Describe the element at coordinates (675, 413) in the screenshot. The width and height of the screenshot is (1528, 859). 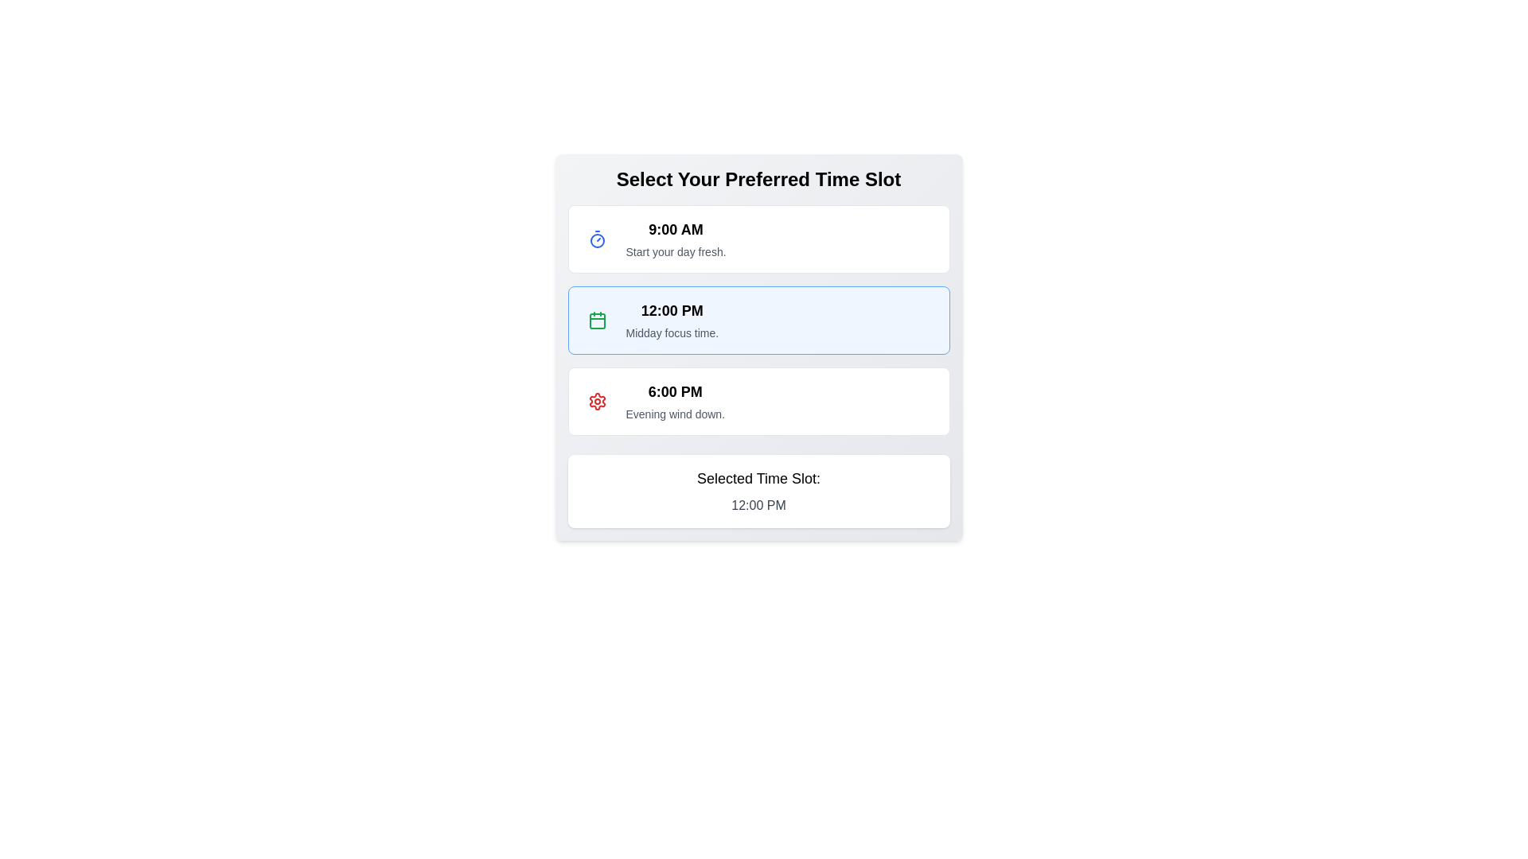
I see `the label providing a brief description for the time slot '6:00 PM', located in the bottom section of the corresponding list item` at that location.